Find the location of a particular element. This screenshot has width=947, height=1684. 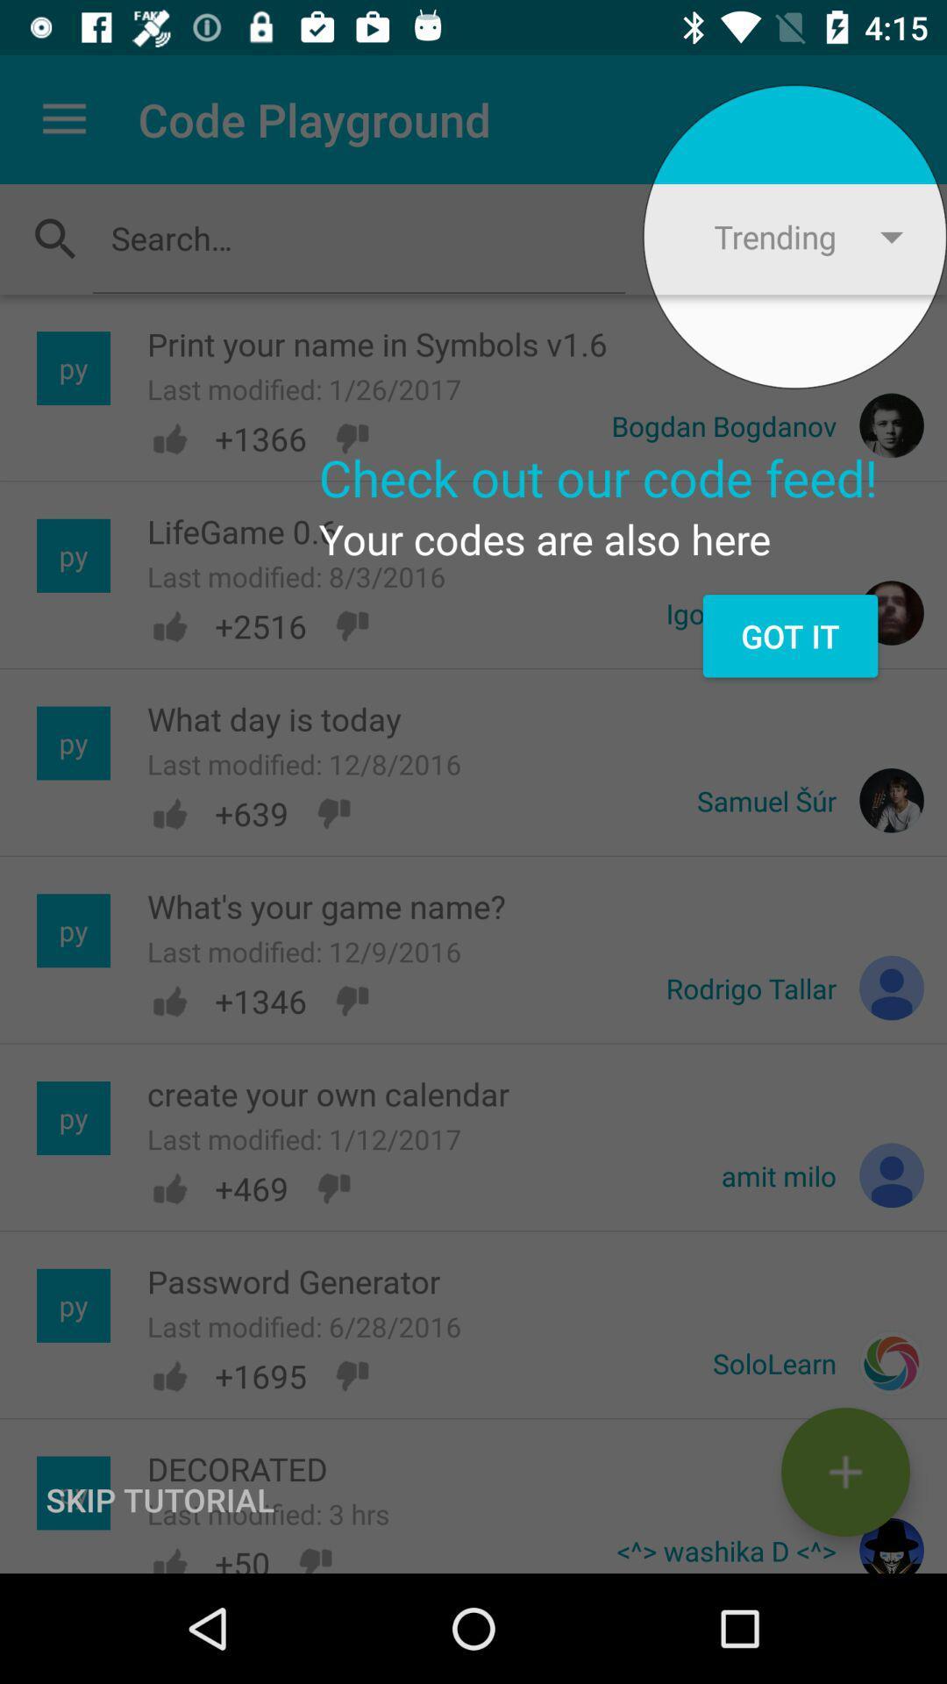

codes is located at coordinates (844, 1472).